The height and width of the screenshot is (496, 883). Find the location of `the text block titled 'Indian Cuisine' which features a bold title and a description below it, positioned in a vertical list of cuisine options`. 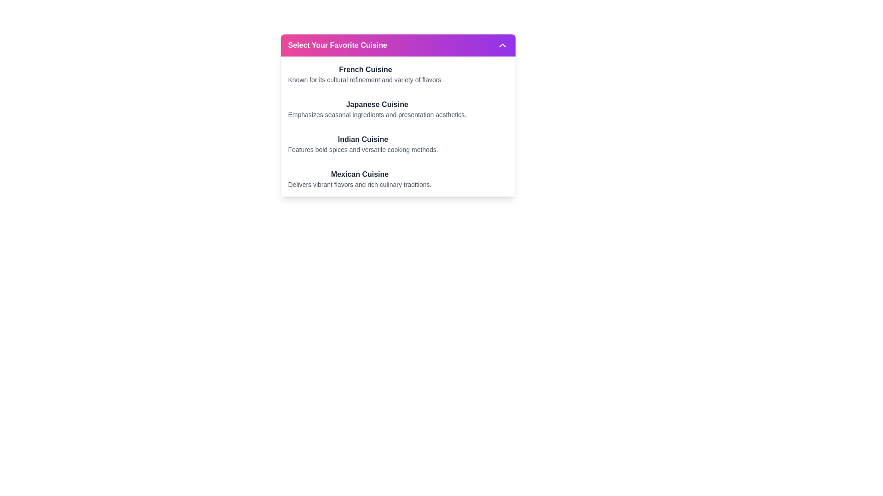

the text block titled 'Indian Cuisine' which features a bold title and a description below it, positioned in a vertical list of cuisine options is located at coordinates (362, 144).